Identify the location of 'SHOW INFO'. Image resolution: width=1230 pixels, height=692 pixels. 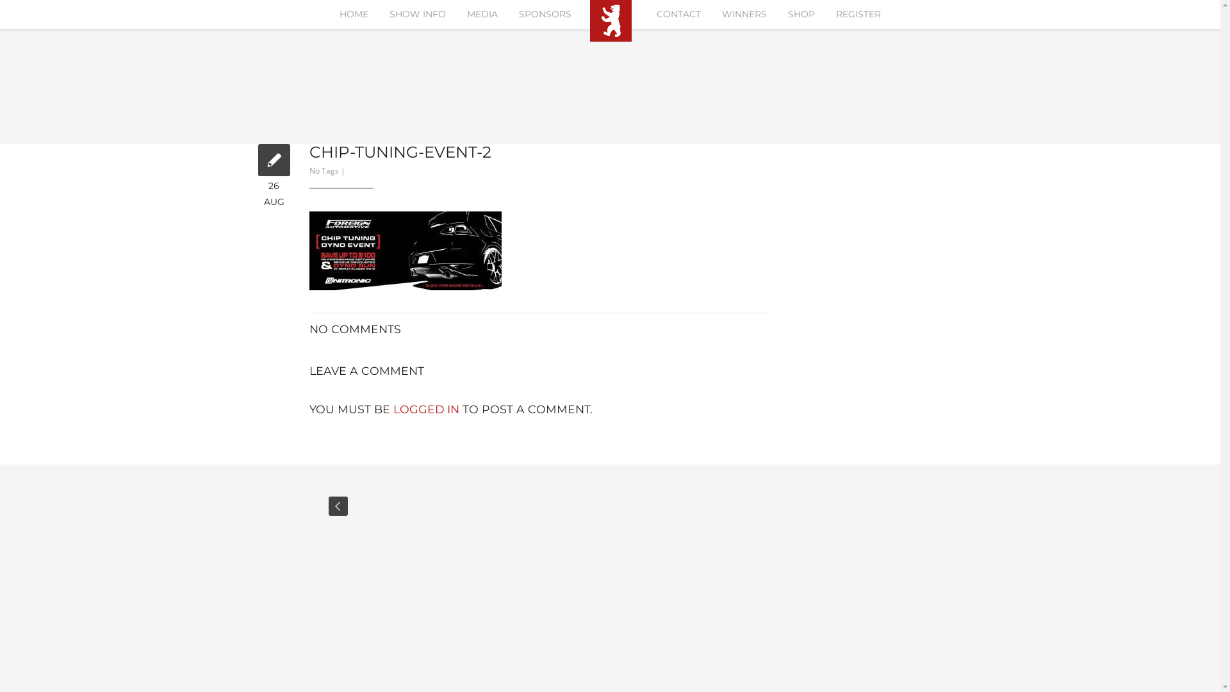
(418, 14).